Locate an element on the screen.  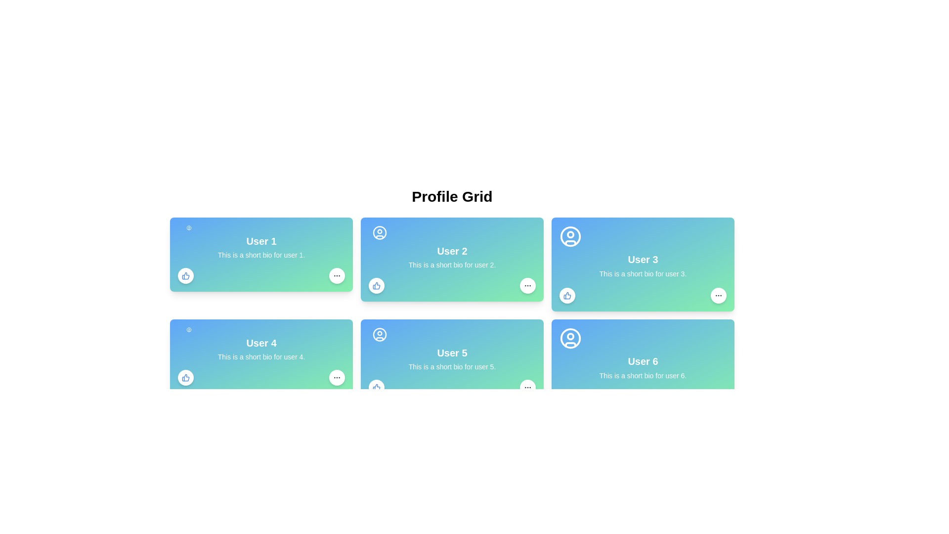
the smaller circle SVG shape that is part of the profile icon for 'User 3' located in the profile grid's third card in the first row is located at coordinates (570, 234).